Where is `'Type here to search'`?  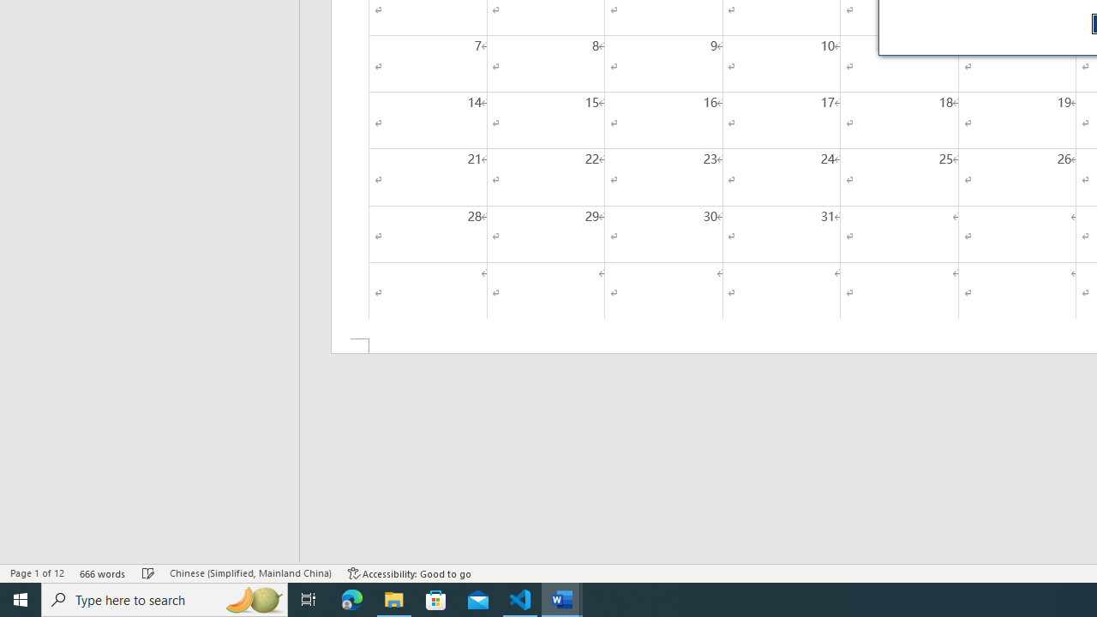
'Type here to search' is located at coordinates (165, 598).